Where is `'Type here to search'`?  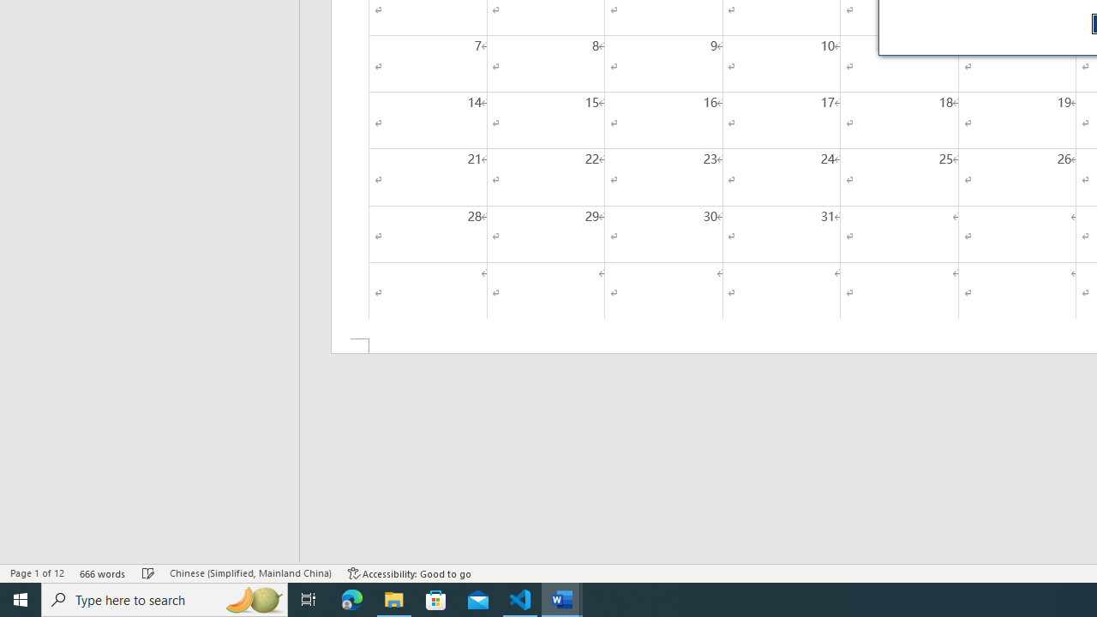
'Type here to search' is located at coordinates (165, 598).